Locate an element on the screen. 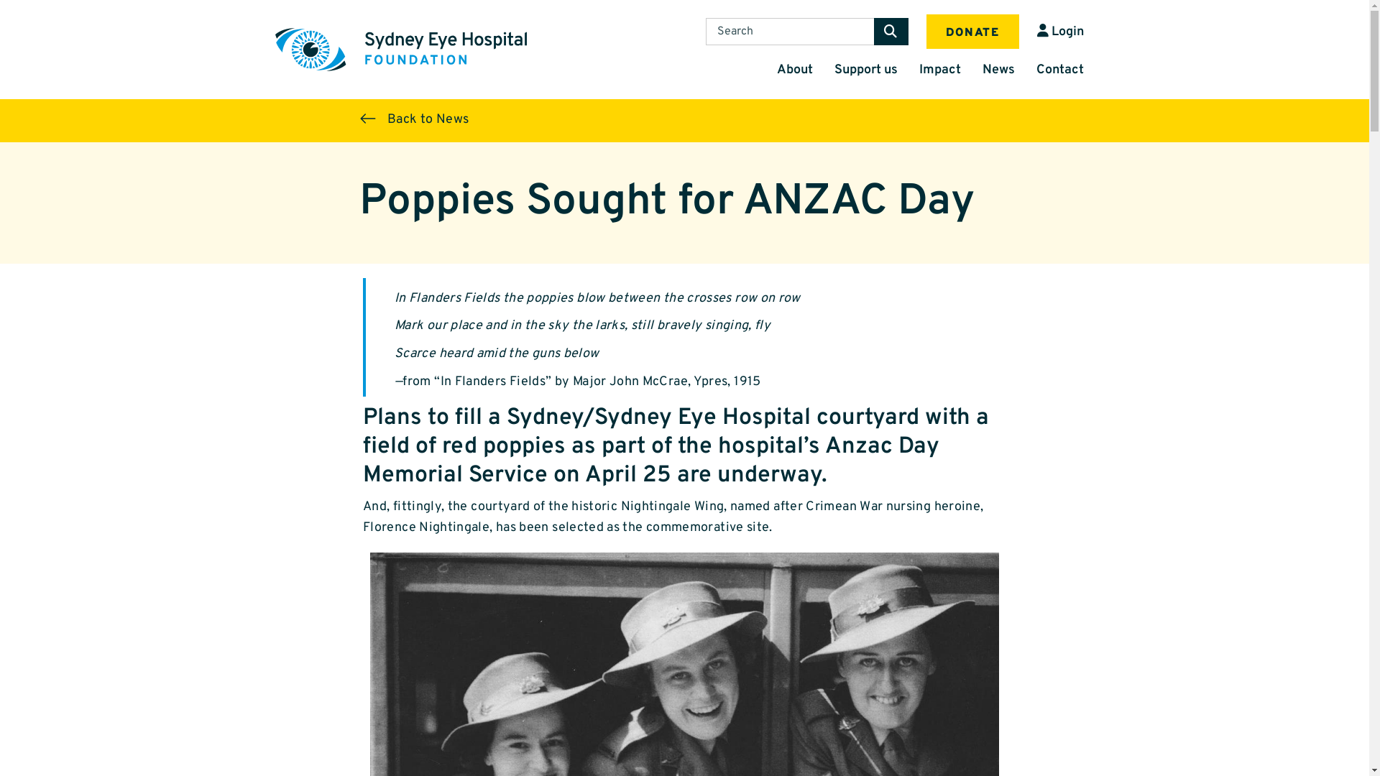 This screenshot has width=1380, height=776. 'Login' is located at coordinates (1058, 31).